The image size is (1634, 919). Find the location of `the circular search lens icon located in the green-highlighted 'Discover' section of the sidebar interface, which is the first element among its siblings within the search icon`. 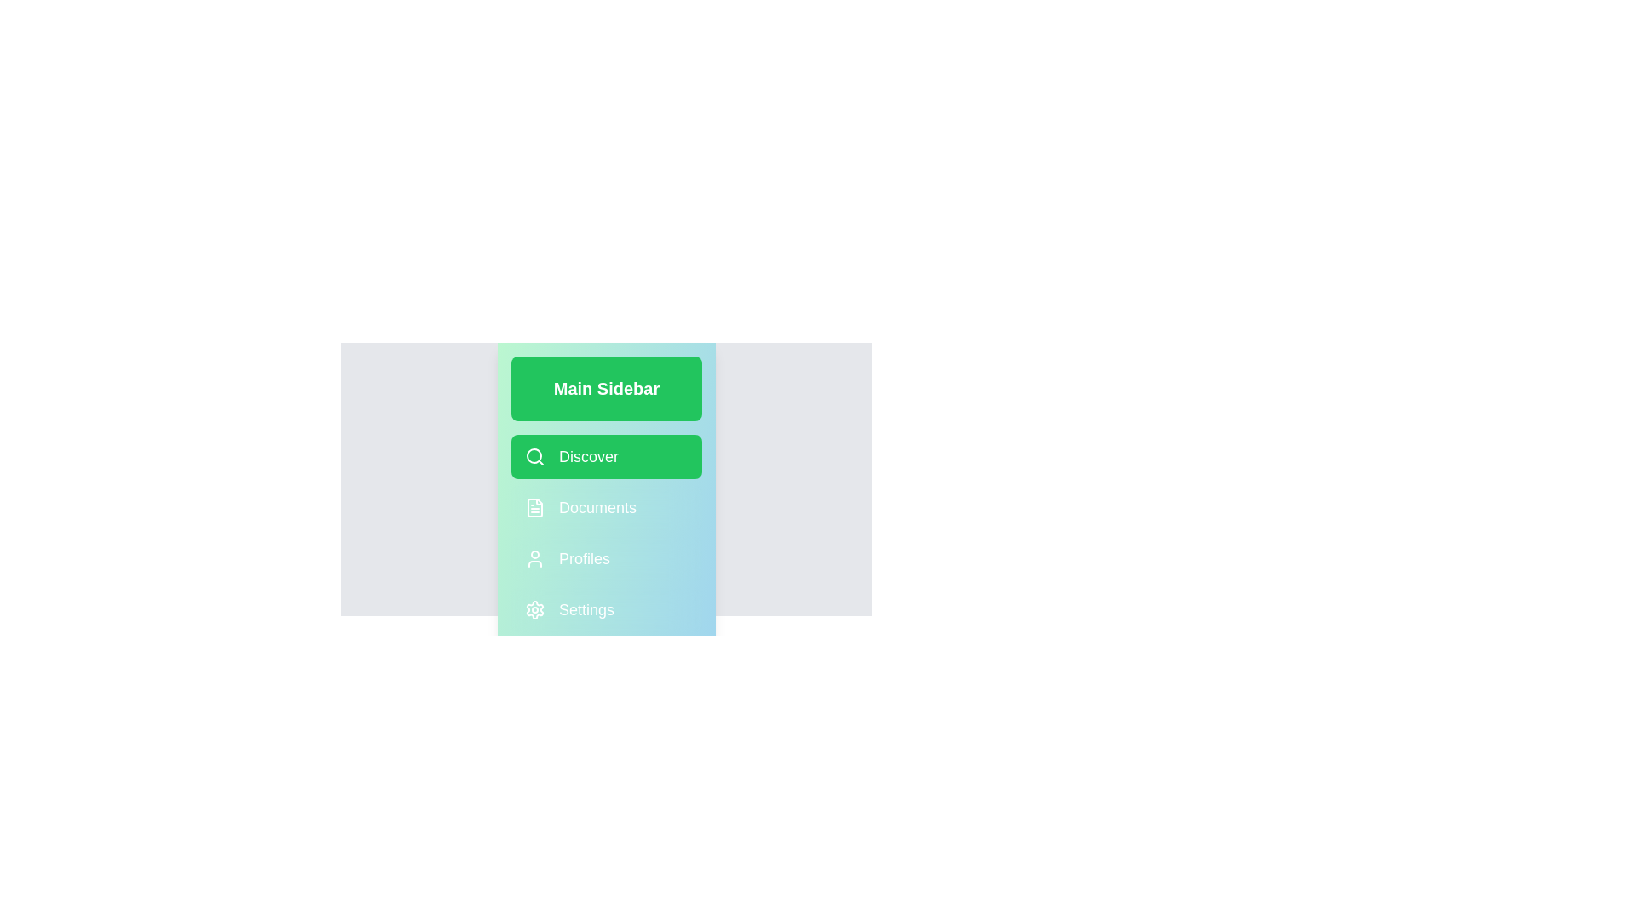

the circular search lens icon located in the green-highlighted 'Discover' section of the sidebar interface, which is the first element among its siblings within the search icon is located at coordinates (534, 455).